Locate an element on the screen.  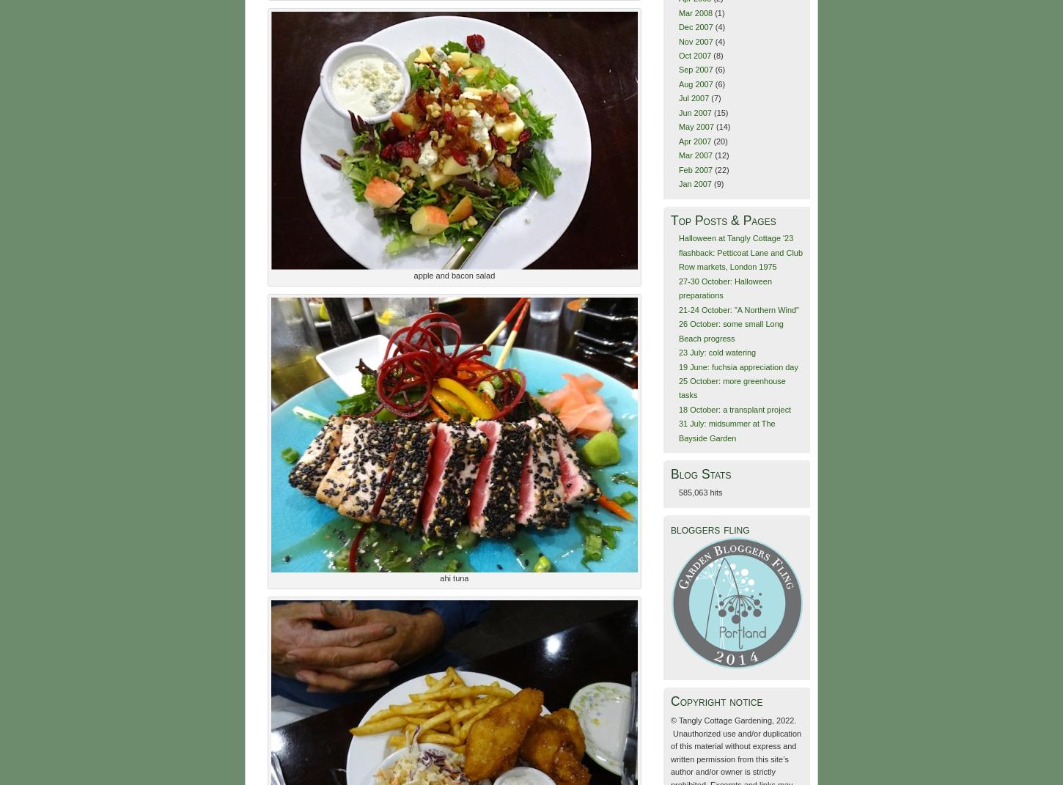
'flashback: Petticoat Lane and Club Row markets, London 1975' is located at coordinates (677, 258).